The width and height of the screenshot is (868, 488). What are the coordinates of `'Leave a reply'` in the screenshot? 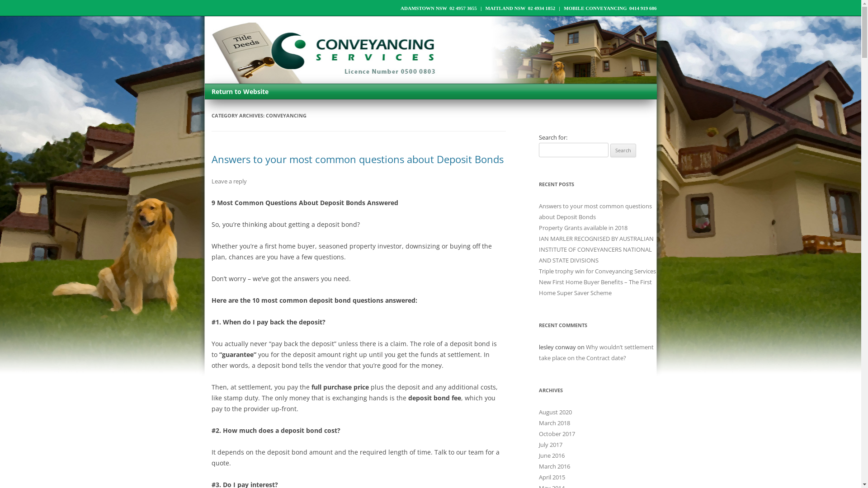 It's located at (229, 181).